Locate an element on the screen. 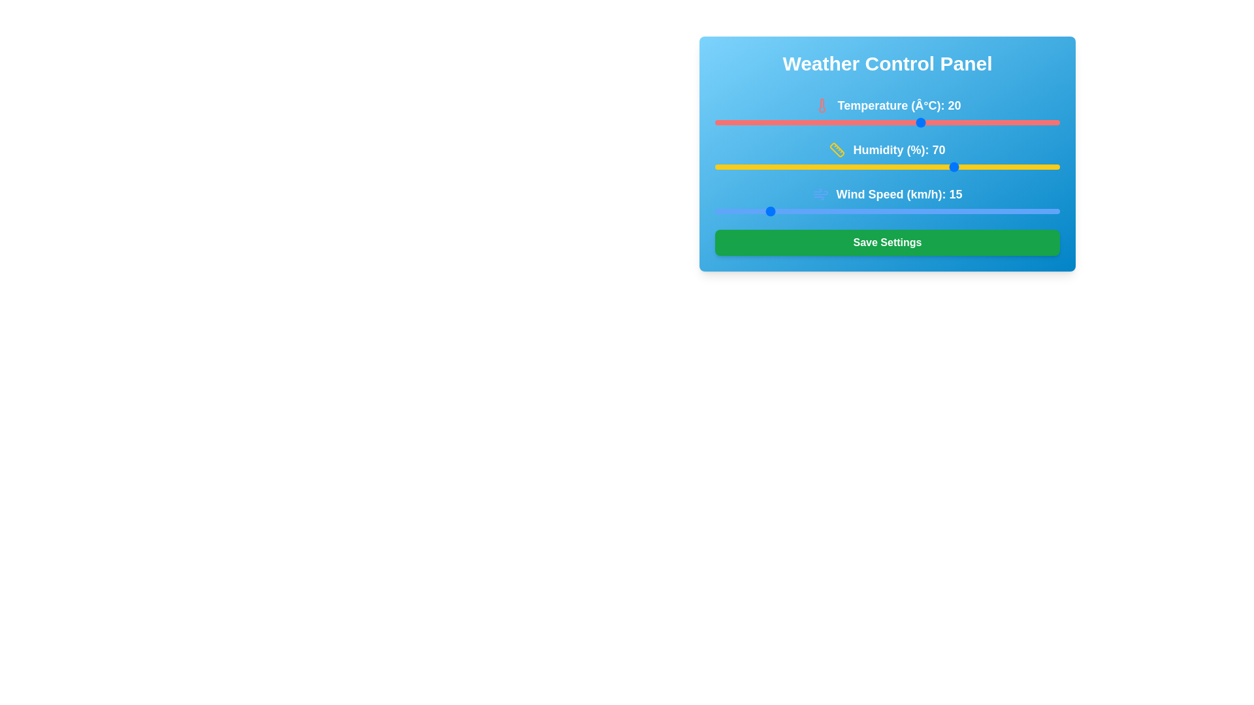 The width and height of the screenshot is (1254, 705). the humidity control icon, which is part of the 'Humidity (%): 70' group and located to the left of the descriptive text is located at coordinates (837, 149).